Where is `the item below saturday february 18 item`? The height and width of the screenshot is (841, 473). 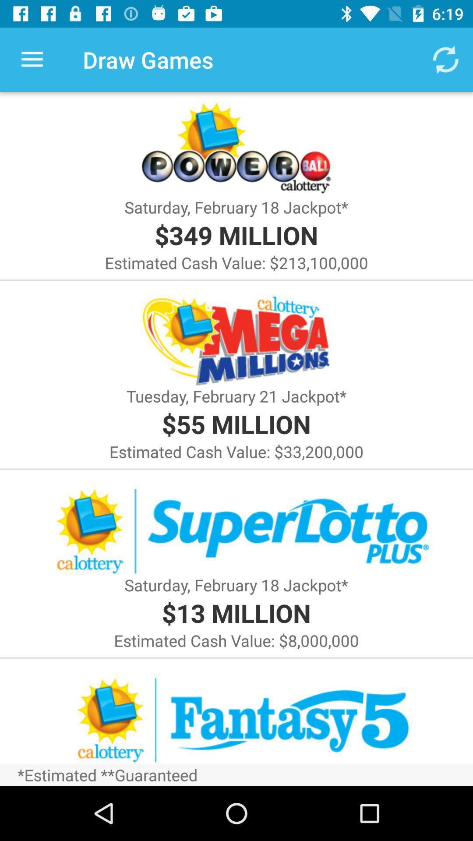
the item below saturday february 18 item is located at coordinates (236, 612).